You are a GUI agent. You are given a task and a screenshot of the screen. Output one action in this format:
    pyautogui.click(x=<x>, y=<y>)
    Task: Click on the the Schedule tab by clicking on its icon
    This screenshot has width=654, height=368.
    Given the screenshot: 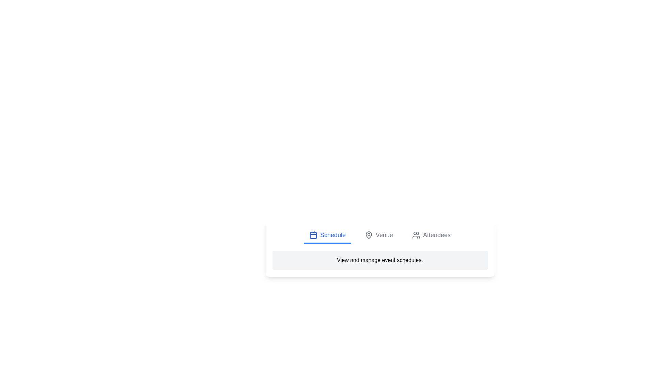 What is the action you would take?
    pyautogui.click(x=313, y=235)
    